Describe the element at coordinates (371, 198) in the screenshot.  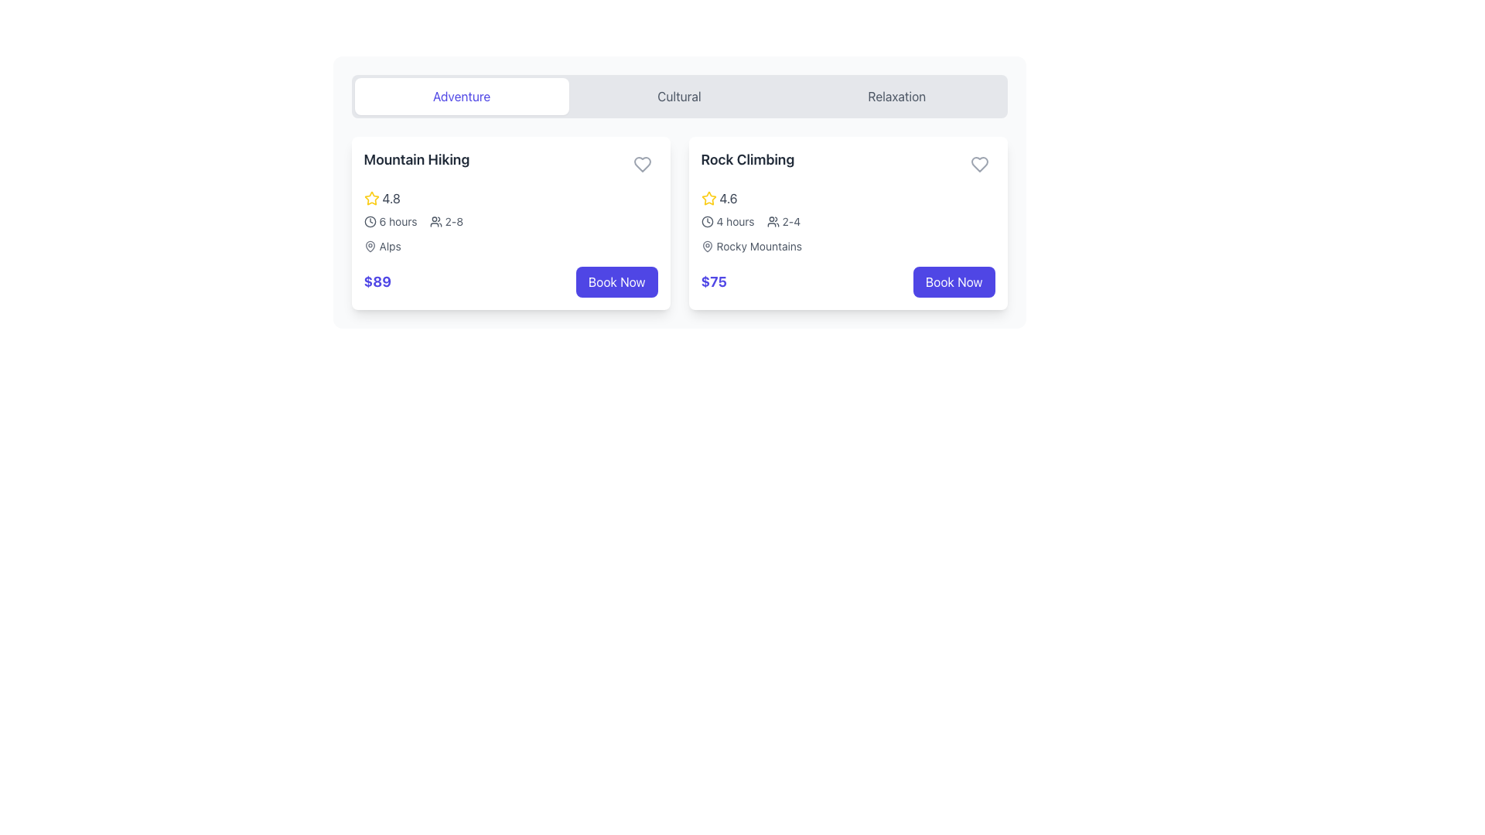
I see `the star icon that represents a rating, located to the left of the numerical text '4.8' within the rating section of the left card` at that location.